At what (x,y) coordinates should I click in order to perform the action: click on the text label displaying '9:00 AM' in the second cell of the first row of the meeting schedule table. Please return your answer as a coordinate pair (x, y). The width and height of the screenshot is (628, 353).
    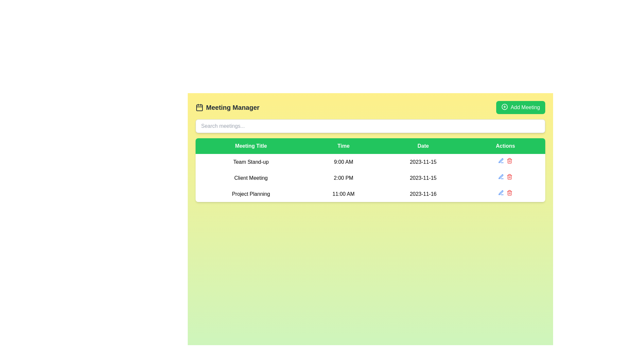
    Looking at the image, I should click on (343, 162).